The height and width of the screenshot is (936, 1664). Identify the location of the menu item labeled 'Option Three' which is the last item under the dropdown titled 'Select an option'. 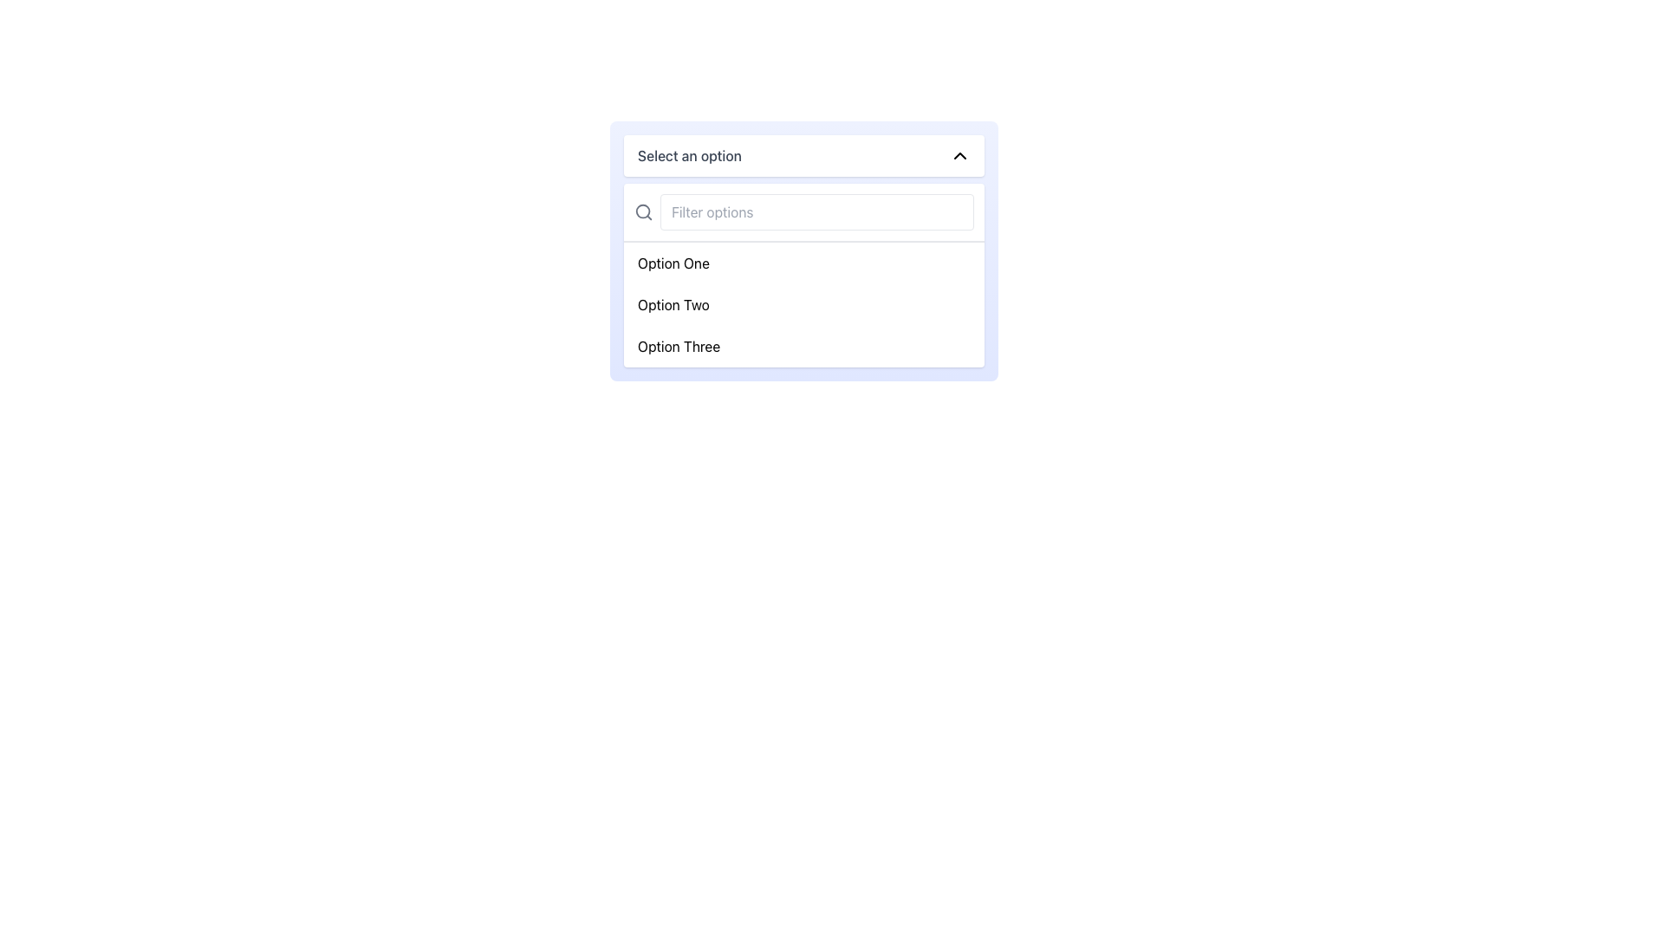
(803, 347).